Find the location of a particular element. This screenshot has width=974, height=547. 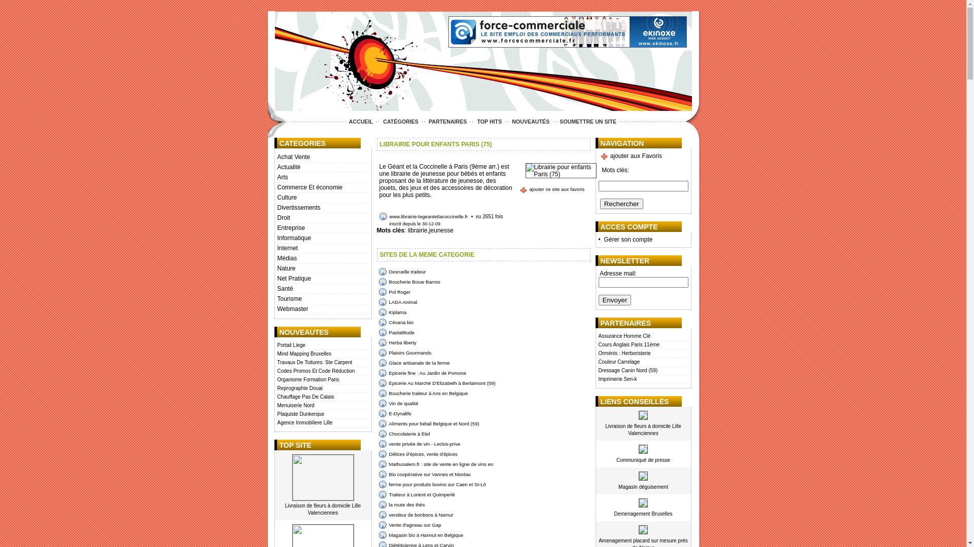

'Kiplama' is located at coordinates (377, 311).